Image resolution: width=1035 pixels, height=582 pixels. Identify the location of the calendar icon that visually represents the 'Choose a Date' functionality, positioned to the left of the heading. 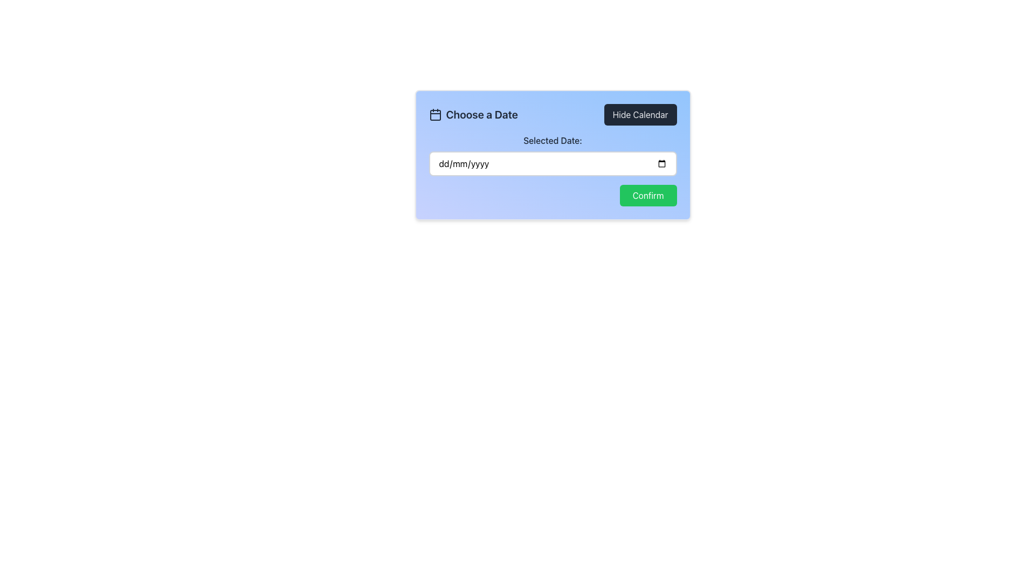
(435, 114).